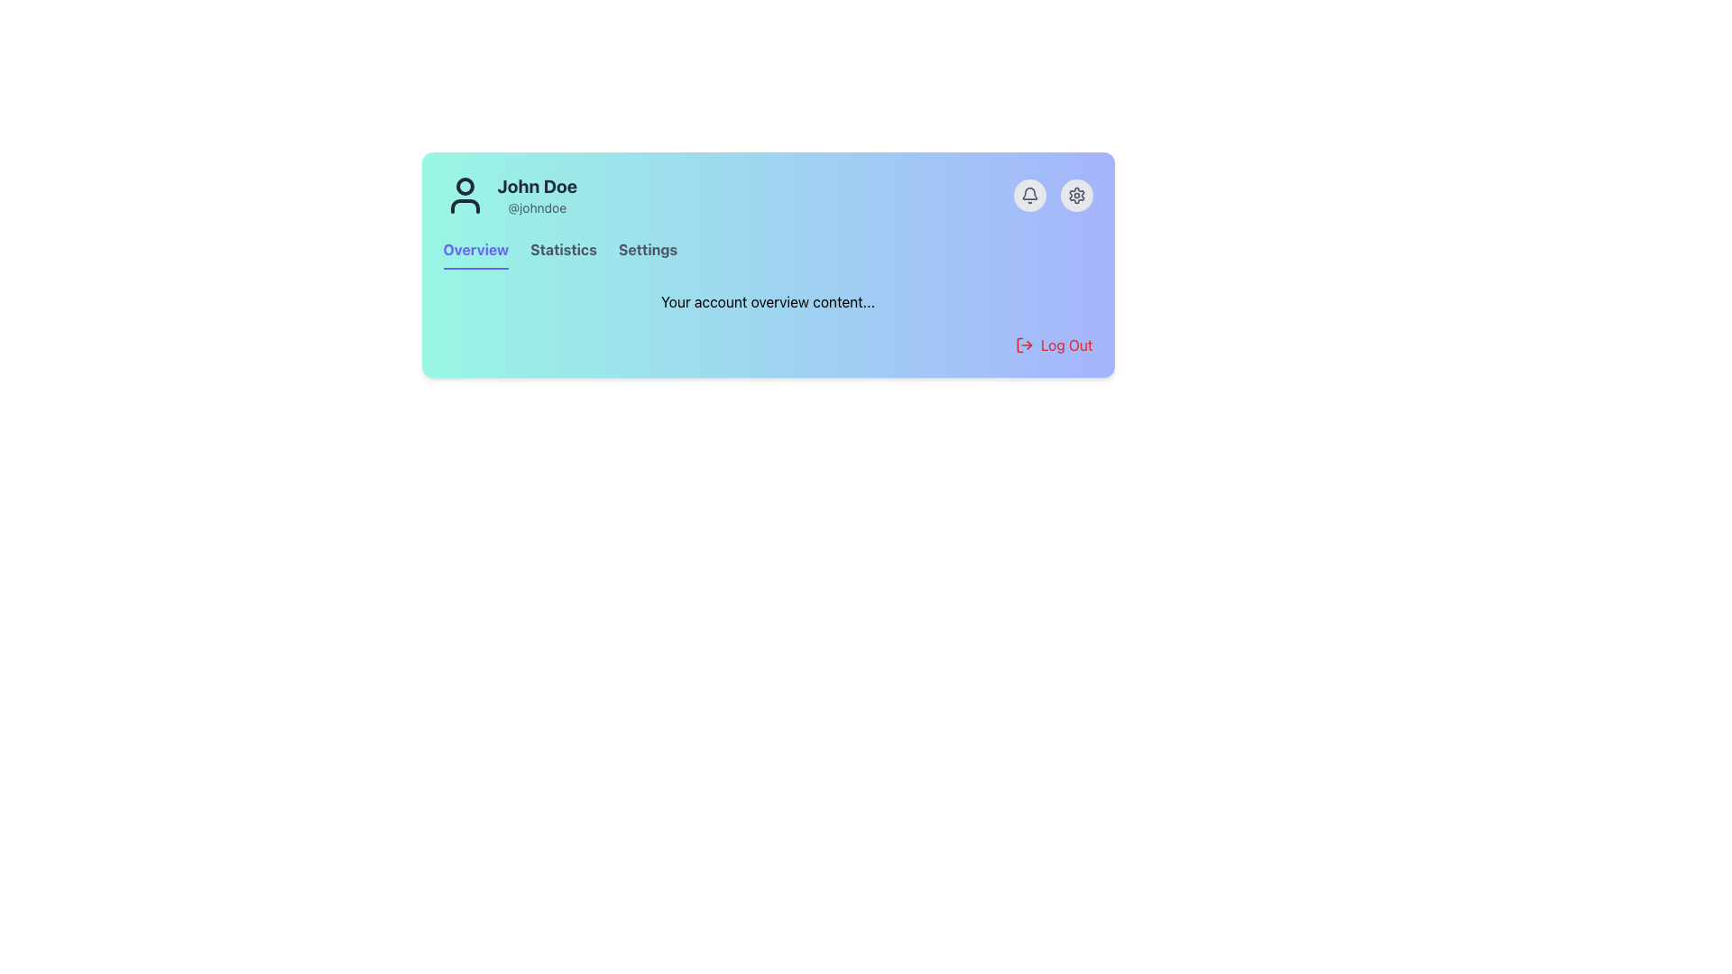  Describe the element at coordinates (1024, 345) in the screenshot. I see `the 'log out' icon, which resembles a door with an outward arrow, located next to the 'Log Out' text in the top-right corner of the interface` at that location.